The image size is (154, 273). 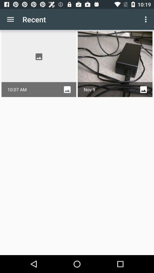 I want to click on the app to the left of recent, so click(x=10, y=19).